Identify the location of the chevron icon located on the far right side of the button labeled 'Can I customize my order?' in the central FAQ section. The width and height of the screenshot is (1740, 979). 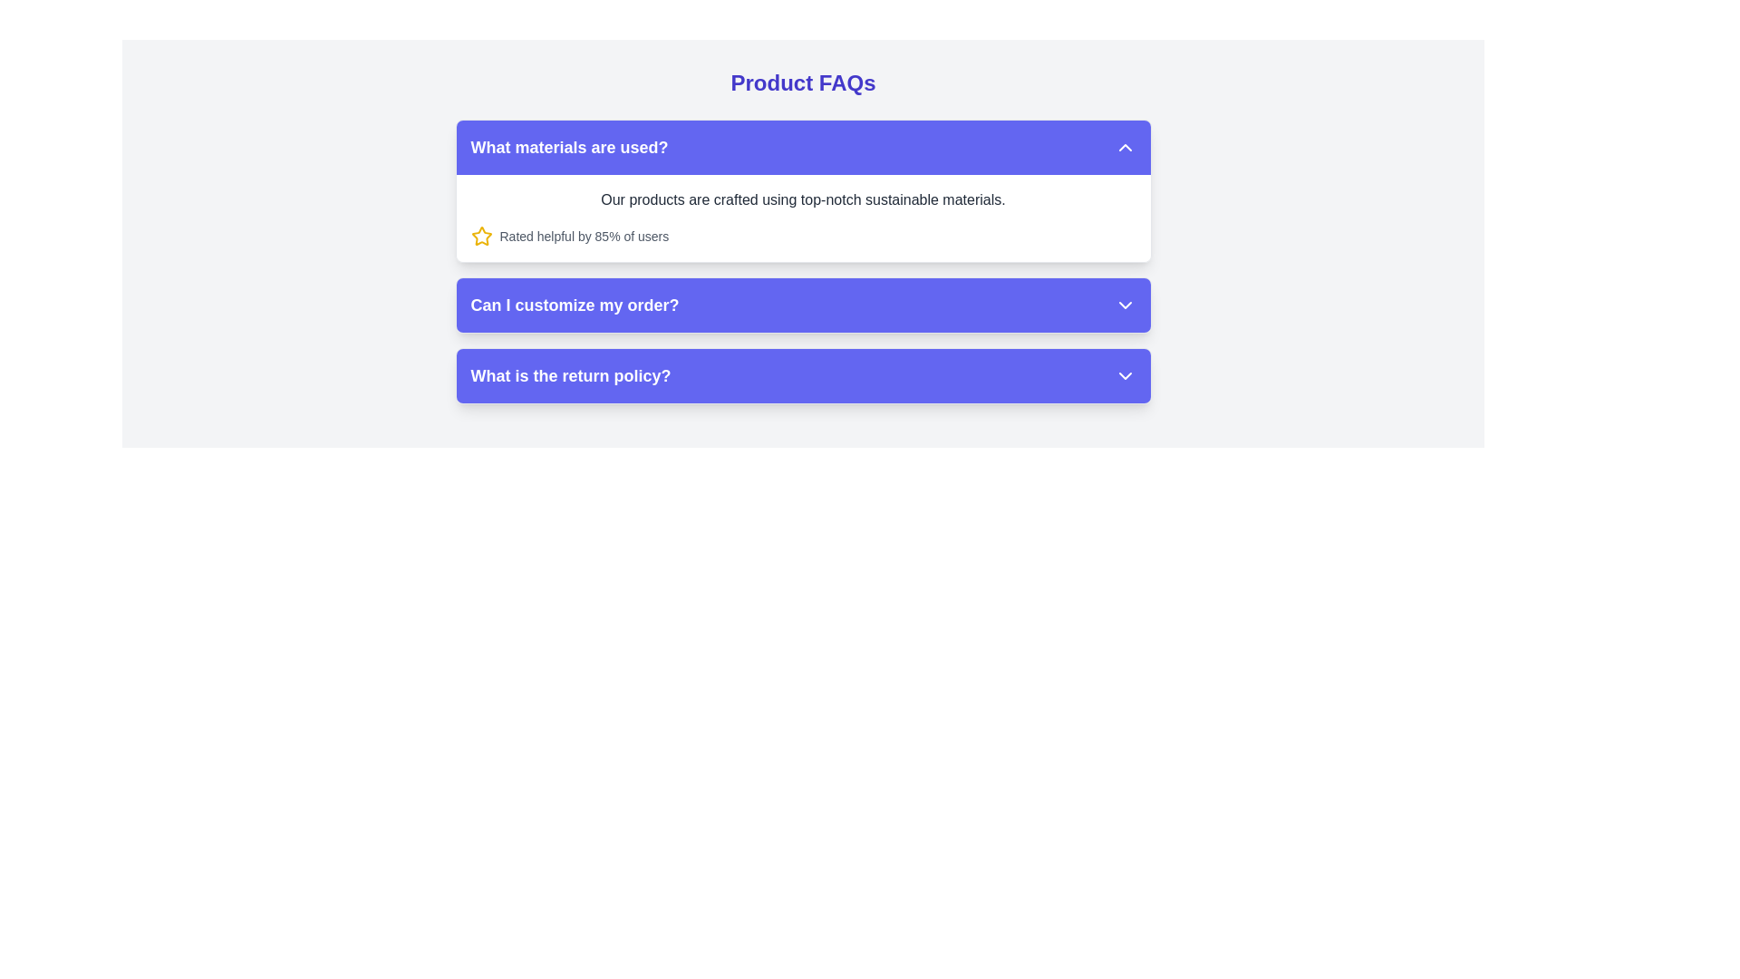
(1124, 304).